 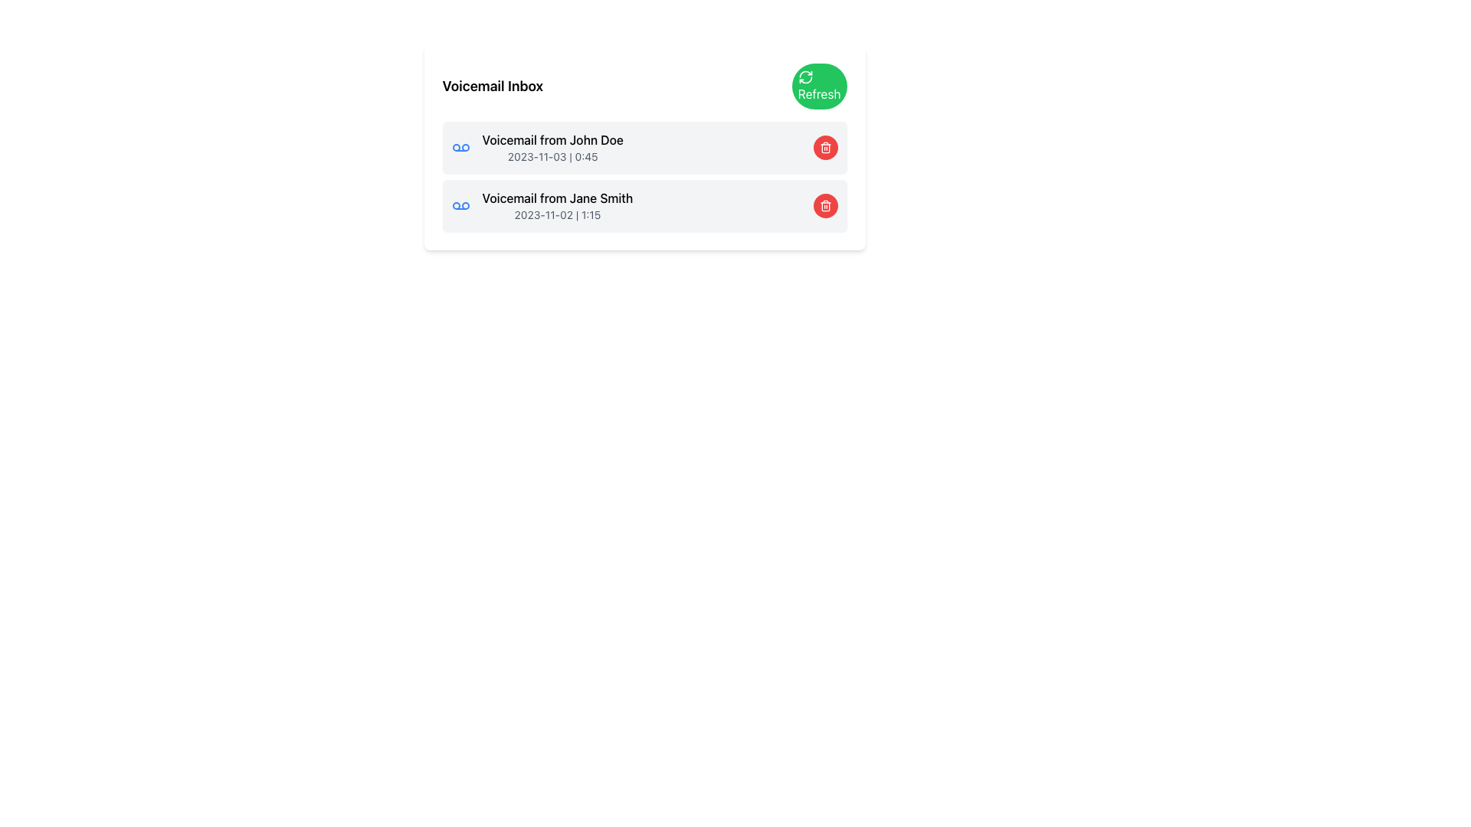 What do you see at coordinates (552, 156) in the screenshot?
I see `the text label displaying '2023-11-03 | 0:45', which is styled in gray and located below the bolded sender name 'Voicemail from John Doe'` at bounding box center [552, 156].